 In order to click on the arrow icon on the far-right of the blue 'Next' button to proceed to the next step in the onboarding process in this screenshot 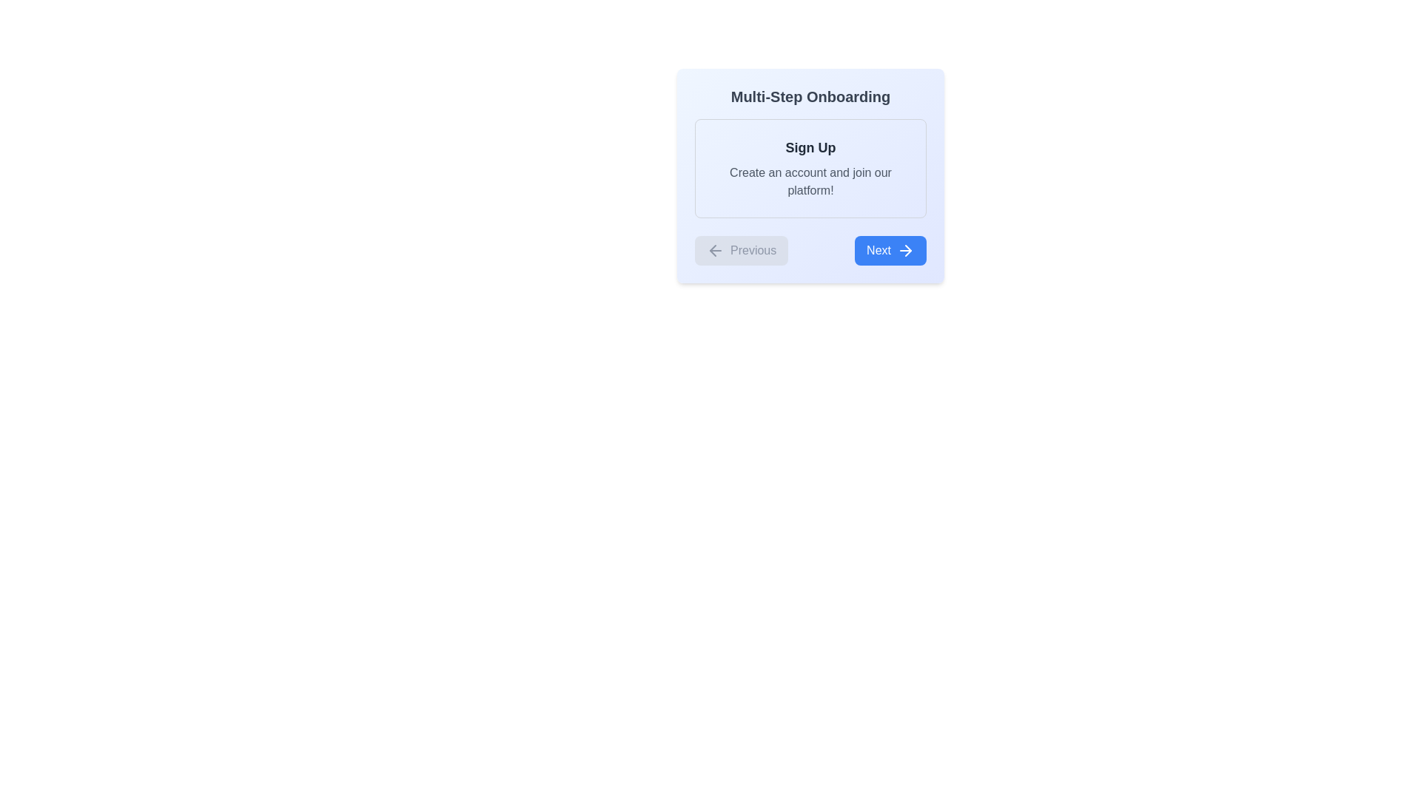, I will do `click(905, 250)`.